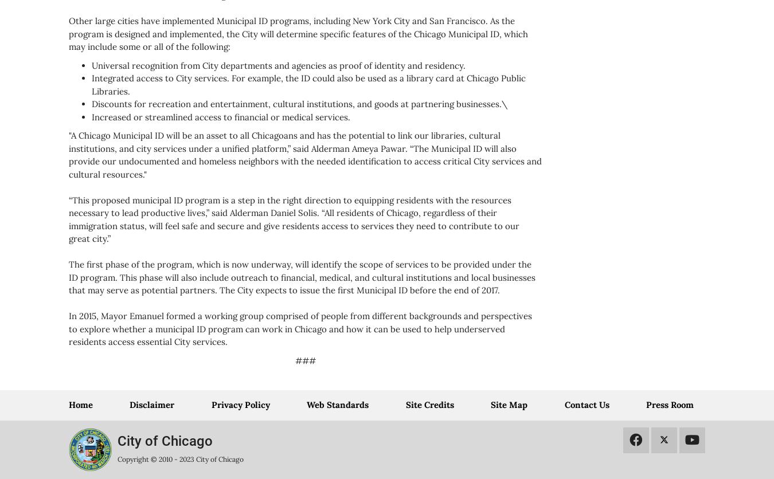 This screenshot has height=479, width=774. I want to click on 'Disclaimer', so click(151, 405).